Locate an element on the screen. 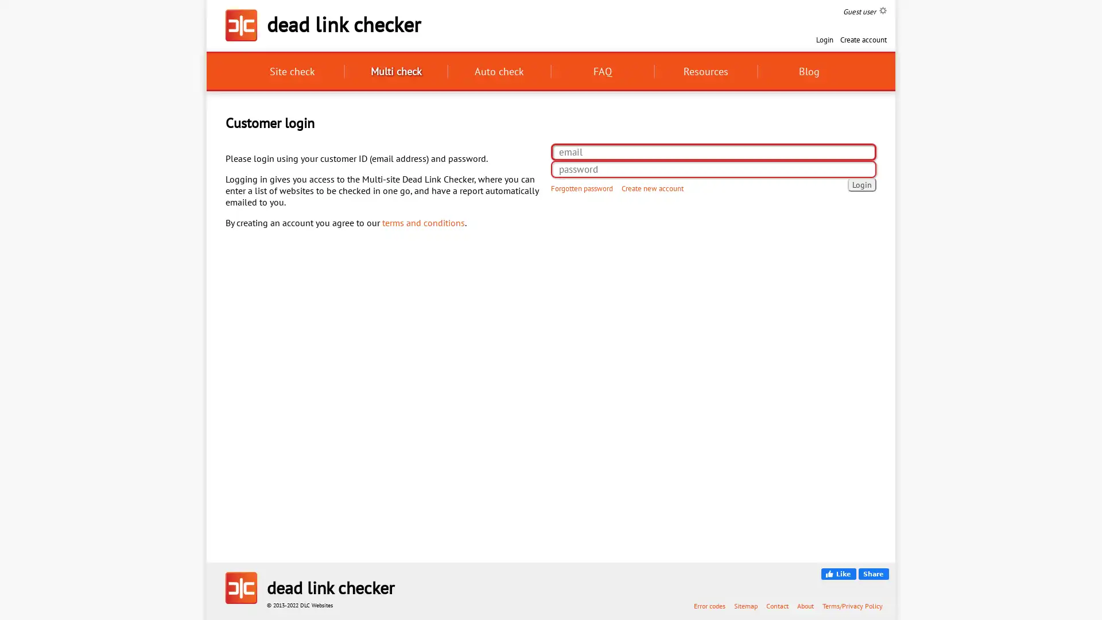 The height and width of the screenshot is (620, 1102). Login is located at coordinates (862, 184).